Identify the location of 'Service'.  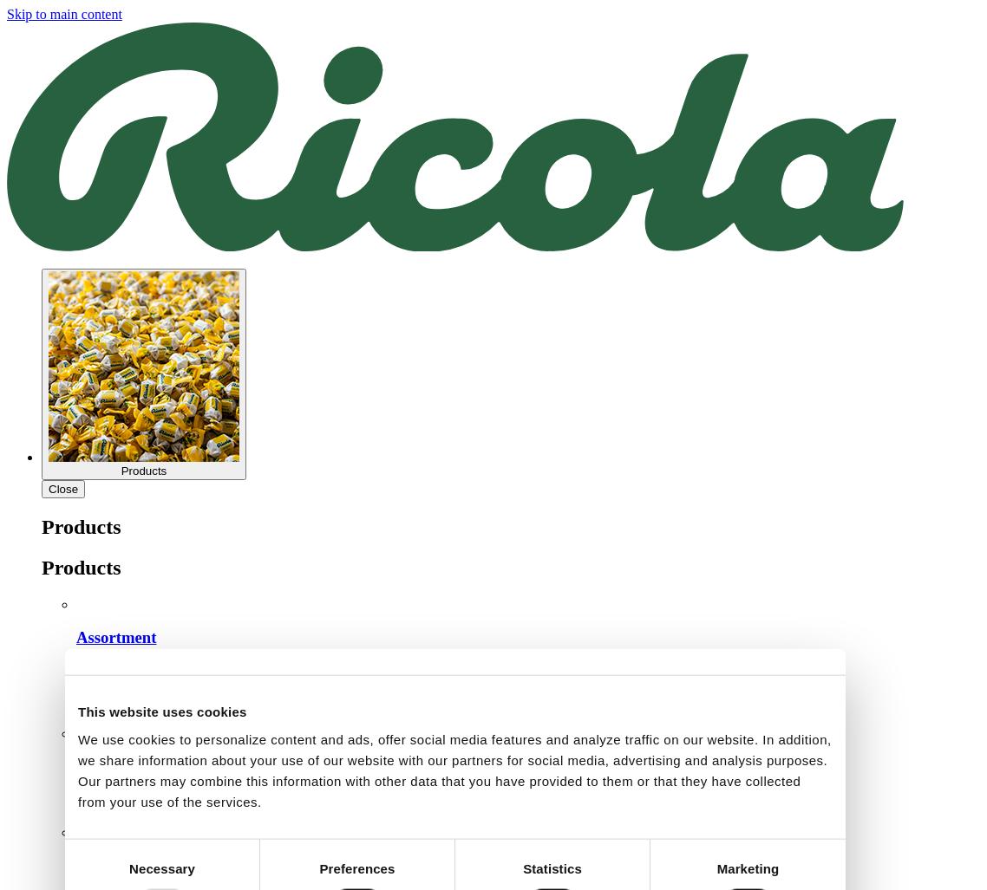
(75, 864).